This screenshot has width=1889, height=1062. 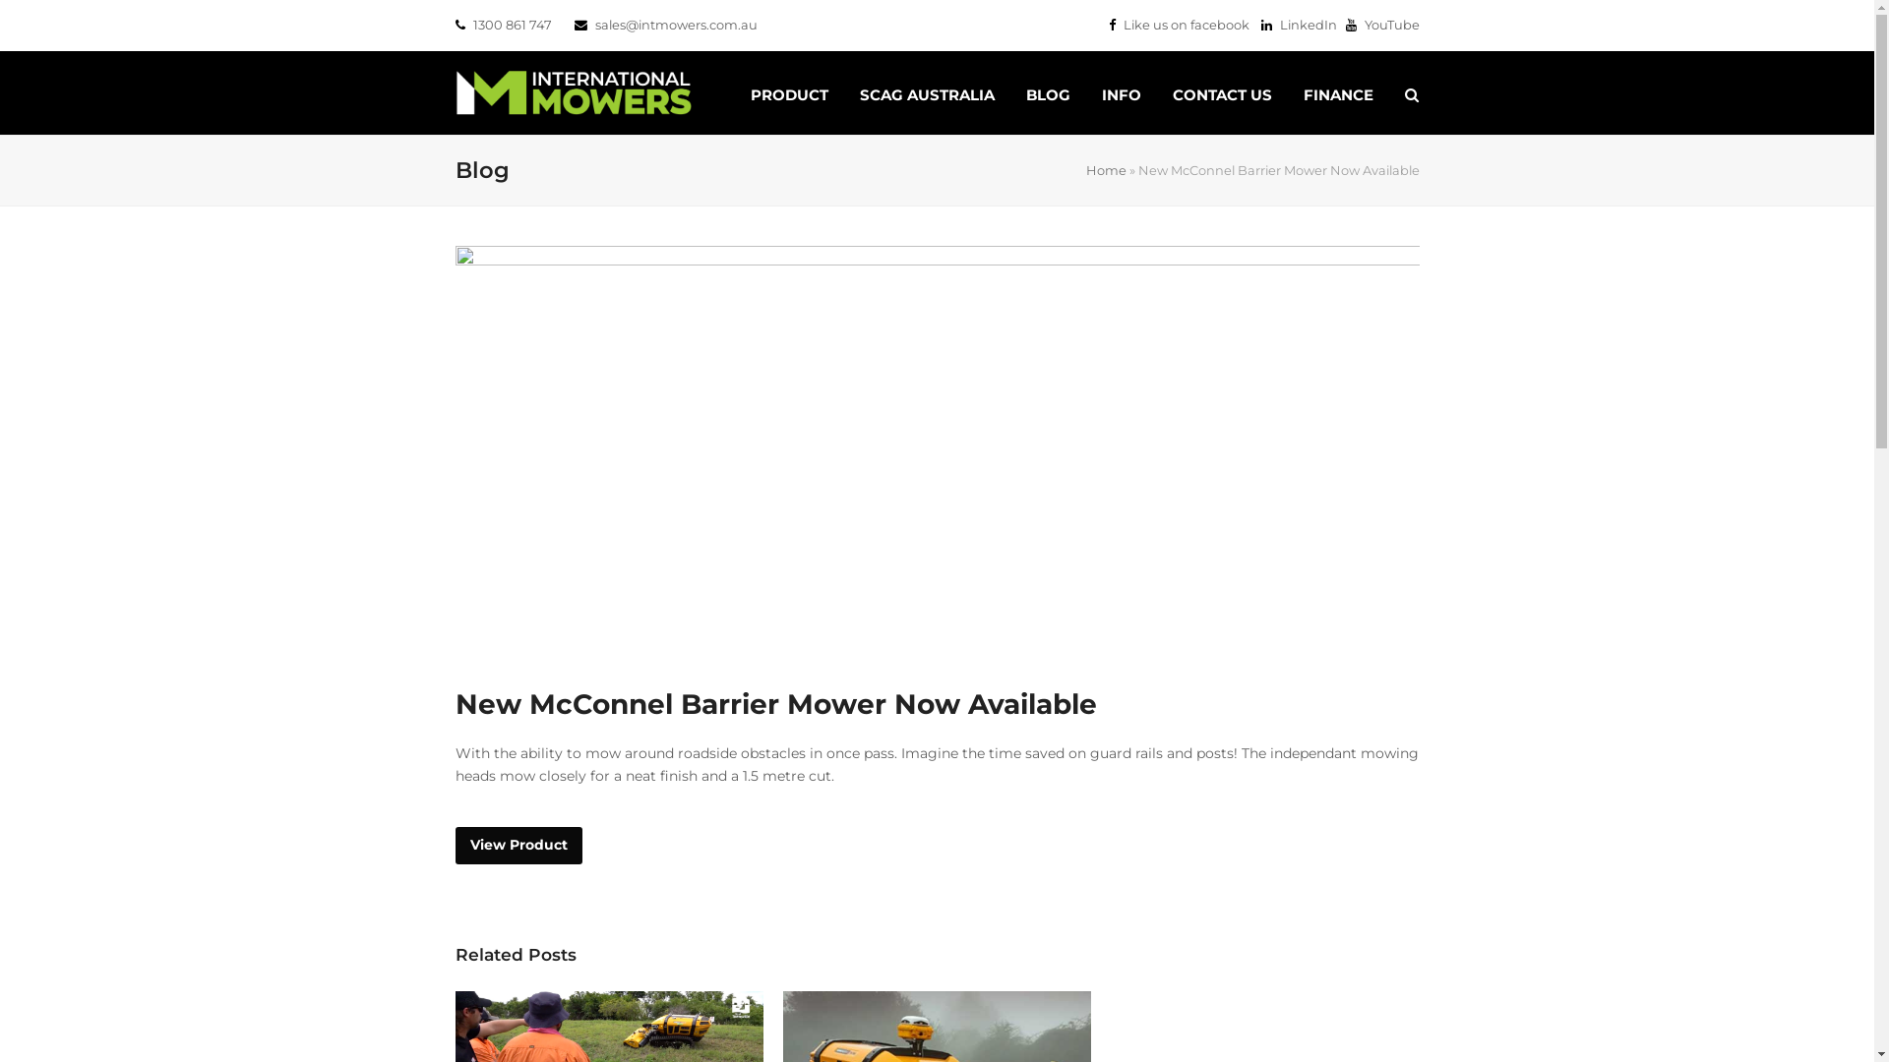 I want to click on 'Like us on facebook', so click(x=1178, y=24).